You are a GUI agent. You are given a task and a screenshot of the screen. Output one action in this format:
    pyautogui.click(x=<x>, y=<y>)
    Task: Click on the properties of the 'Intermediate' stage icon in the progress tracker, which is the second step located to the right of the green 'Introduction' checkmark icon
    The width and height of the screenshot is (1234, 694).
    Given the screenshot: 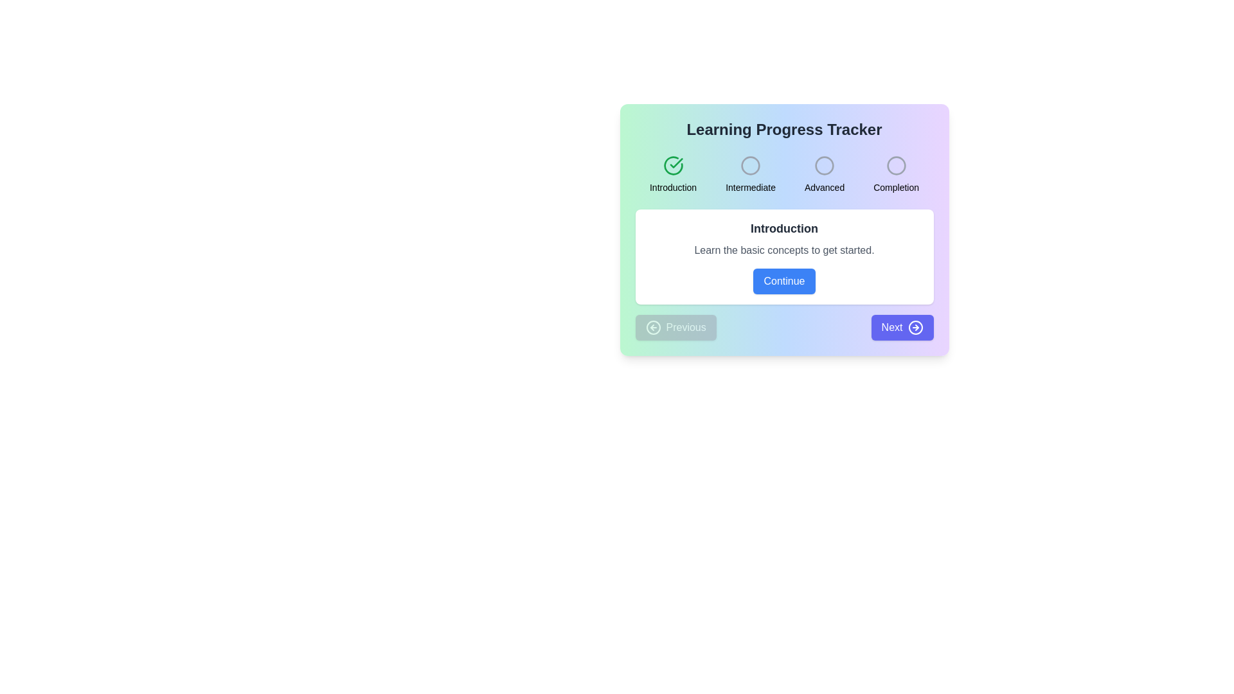 What is the action you would take?
    pyautogui.click(x=750, y=165)
    